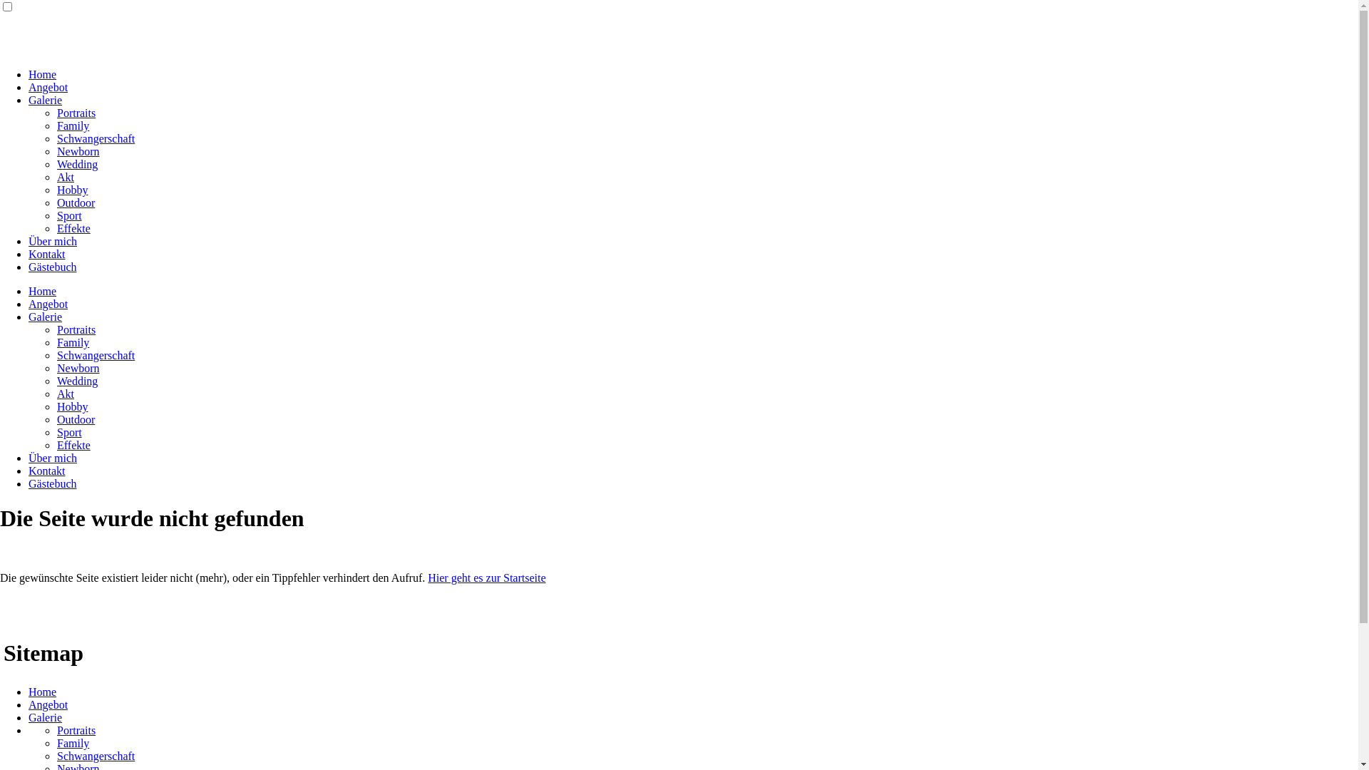 Image resolution: width=1369 pixels, height=770 pixels. Describe the element at coordinates (45, 99) in the screenshot. I see `'Galerie'` at that location.